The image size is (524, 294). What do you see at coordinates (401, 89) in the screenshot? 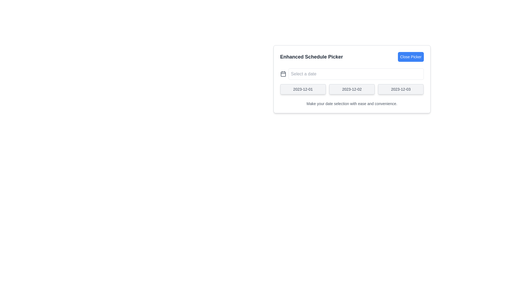
I see `the date selection button for '2023-12-03' located on the right side of the group within the date picker interface` at bounding box center [401, 89].